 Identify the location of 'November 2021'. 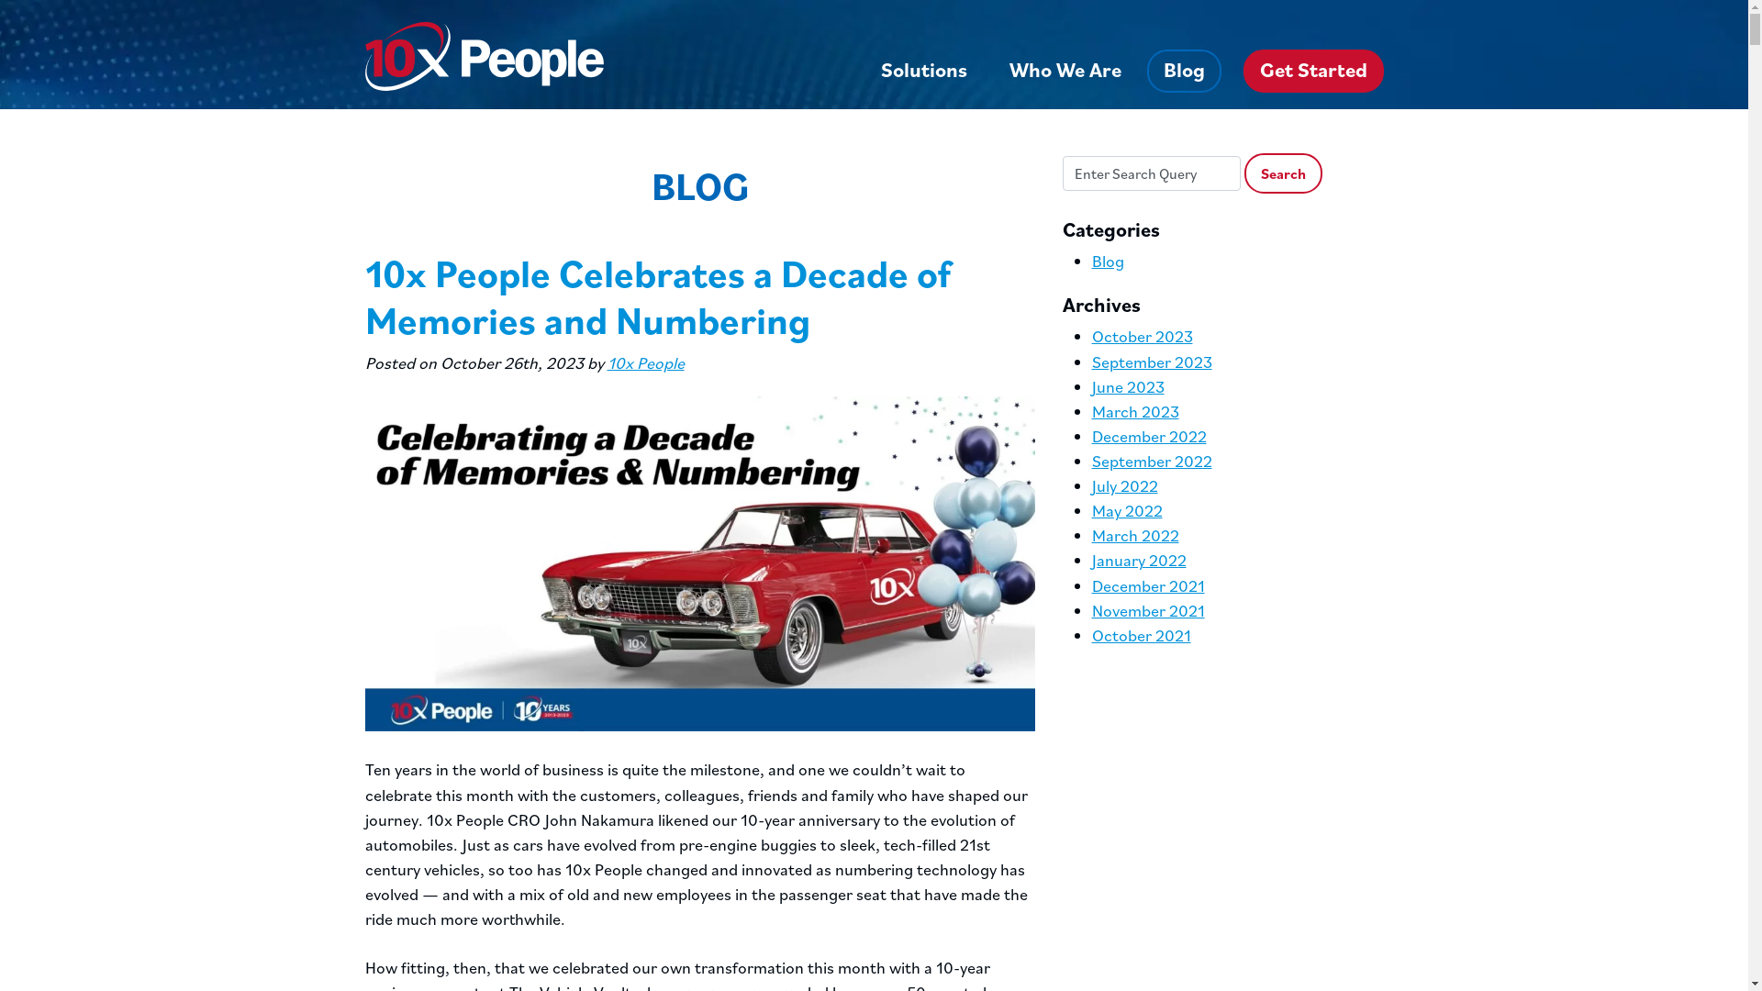
(1092, 610).